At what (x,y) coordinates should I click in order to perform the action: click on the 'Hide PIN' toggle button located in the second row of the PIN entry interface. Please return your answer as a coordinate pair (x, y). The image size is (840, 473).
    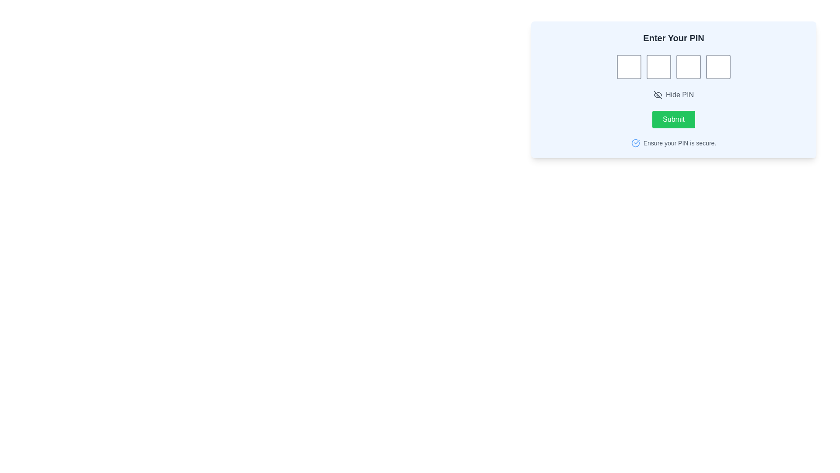
    Looking at the image, I should click on (673, 89).